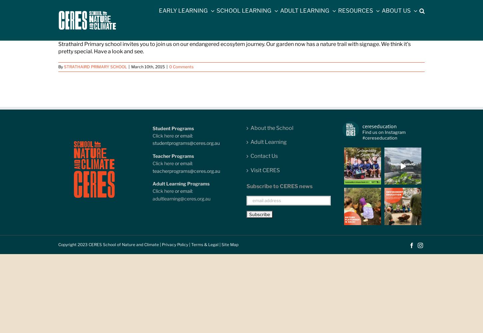  Describe the element at coordinates (250, 170) in the screenshot. I see `'Visit CERES'` at that location.